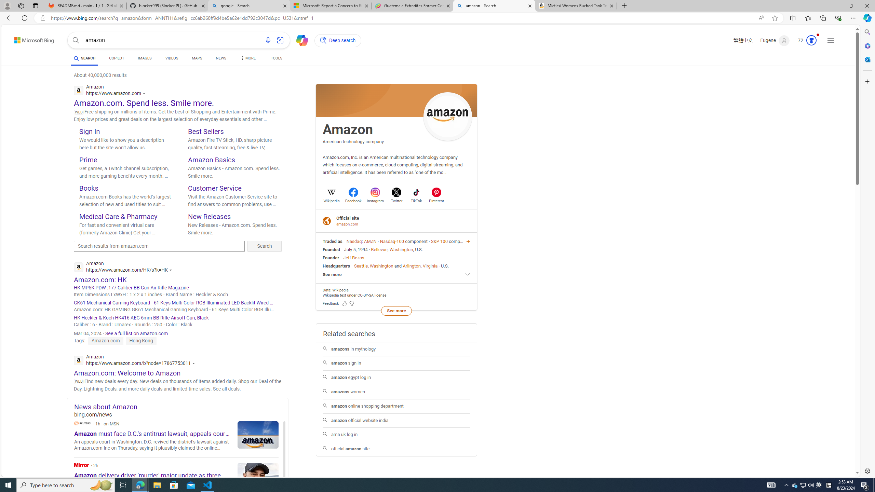 This screenshot has width=875, height=492. What do you see at coordinates (396, 449) in the screenshot?
I see `'official amazon site'` at bounding box center [396, 449].